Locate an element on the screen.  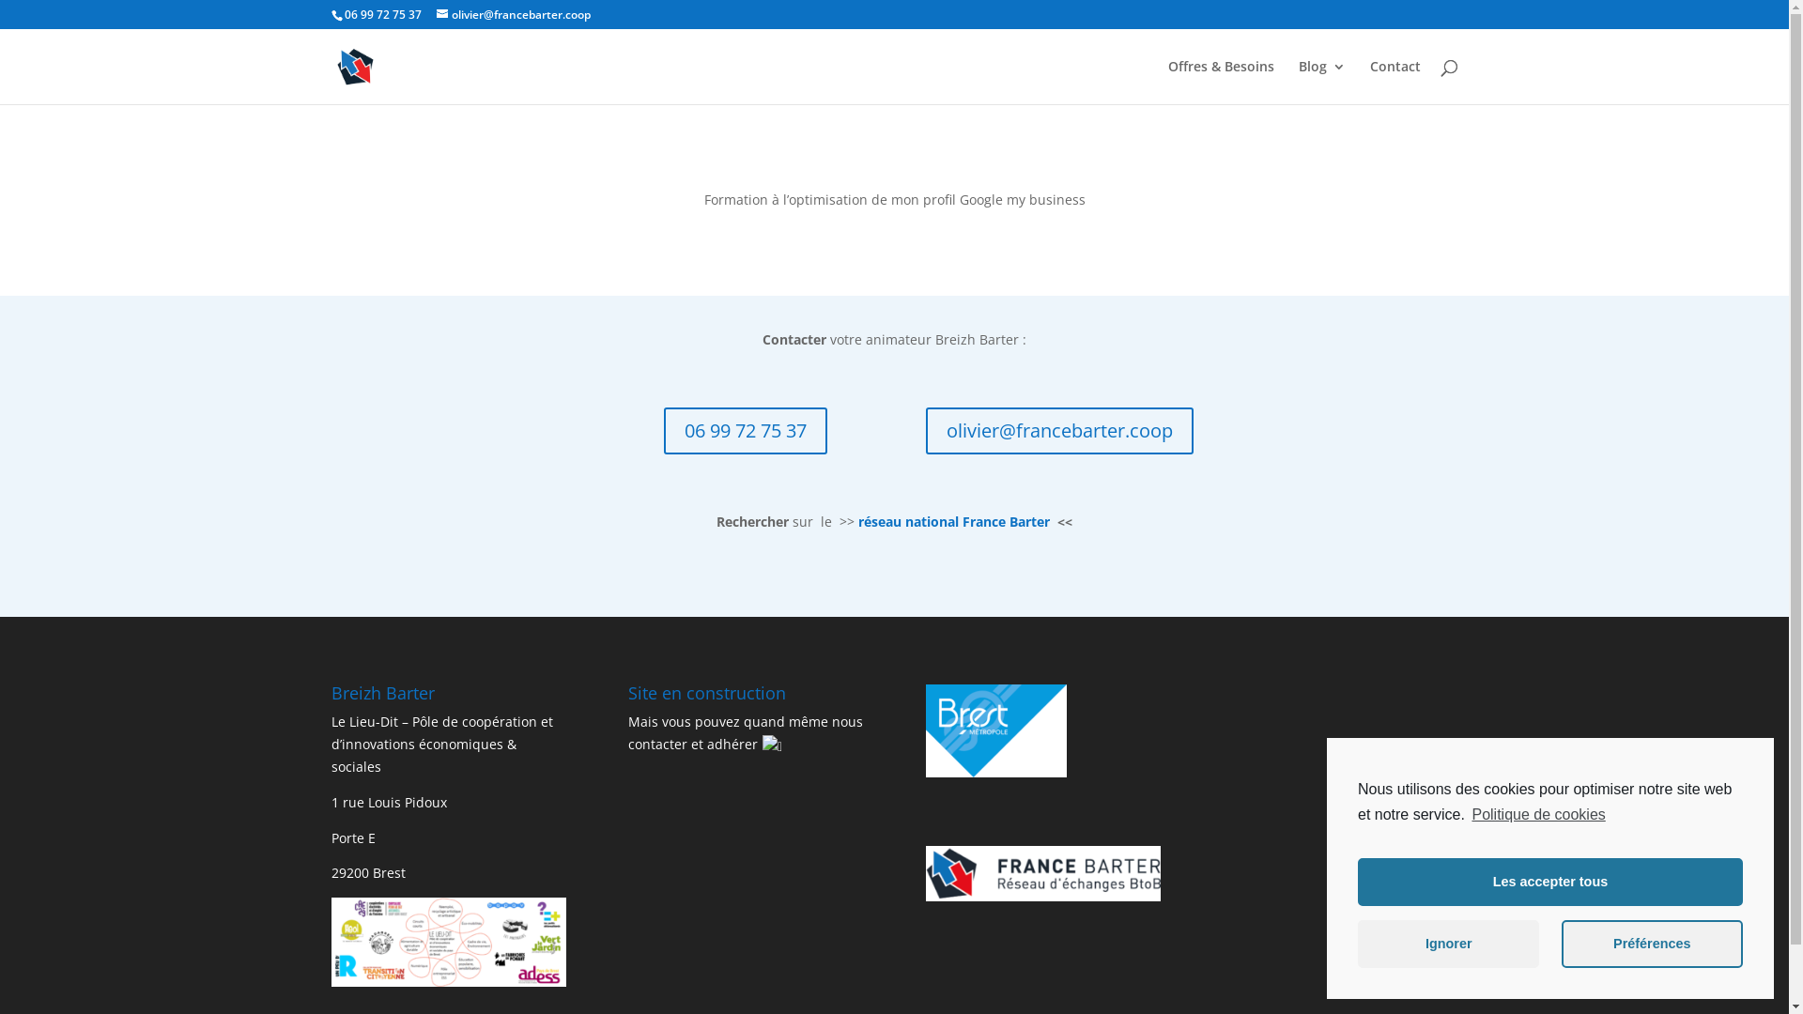
'Politique de cookies' is located at coordinates (1468, 813).